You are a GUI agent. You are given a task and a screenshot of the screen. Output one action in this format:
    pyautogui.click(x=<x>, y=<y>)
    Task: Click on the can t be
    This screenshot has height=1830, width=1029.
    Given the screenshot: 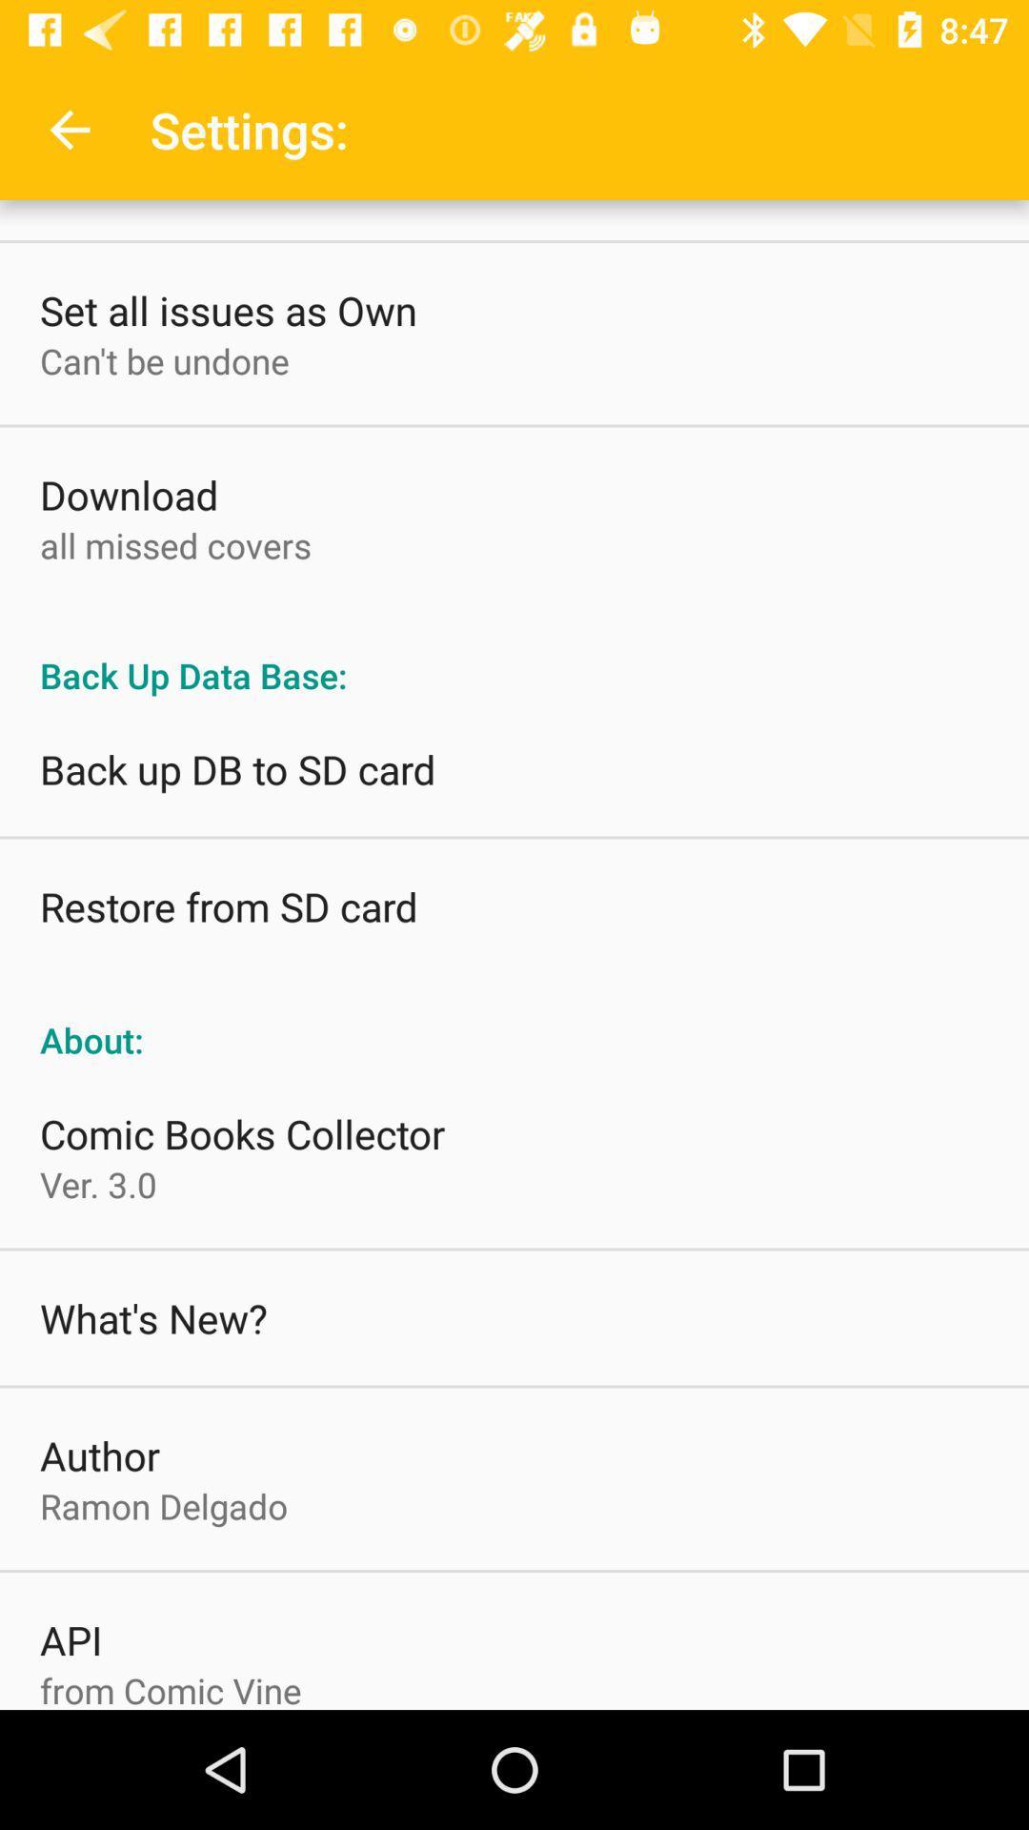 What is the action you would take?
    pyautogui.click(x=163, y=360)
    